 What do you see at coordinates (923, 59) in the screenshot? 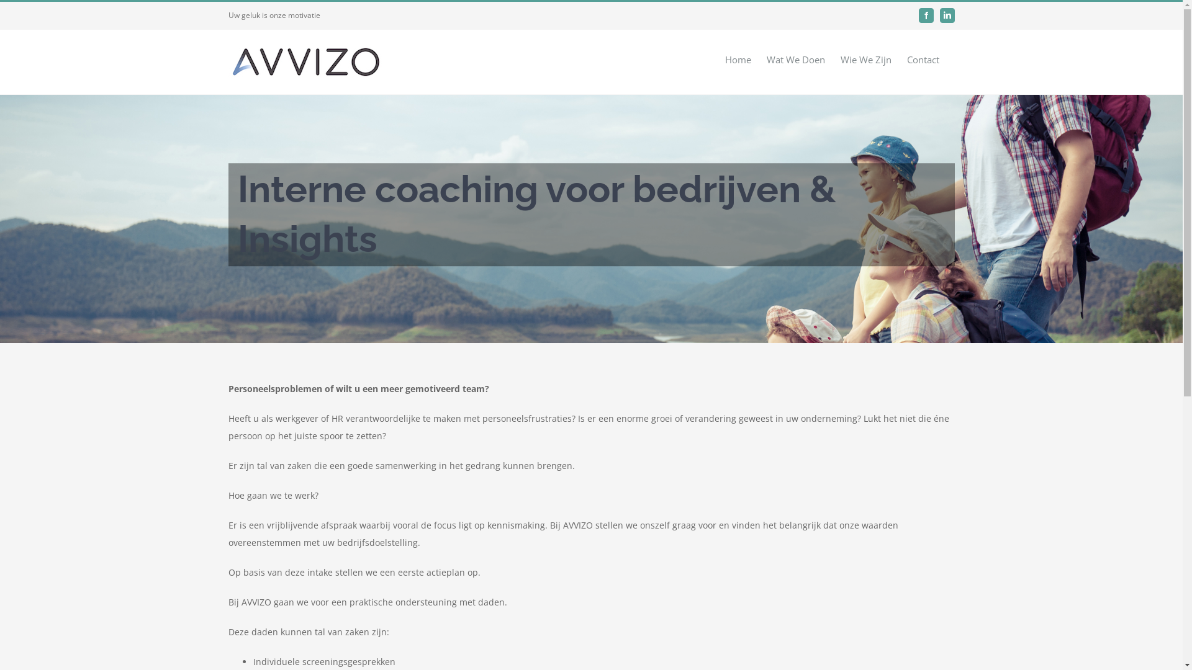
I see `'Contact'` at bounding box center [923, 59].